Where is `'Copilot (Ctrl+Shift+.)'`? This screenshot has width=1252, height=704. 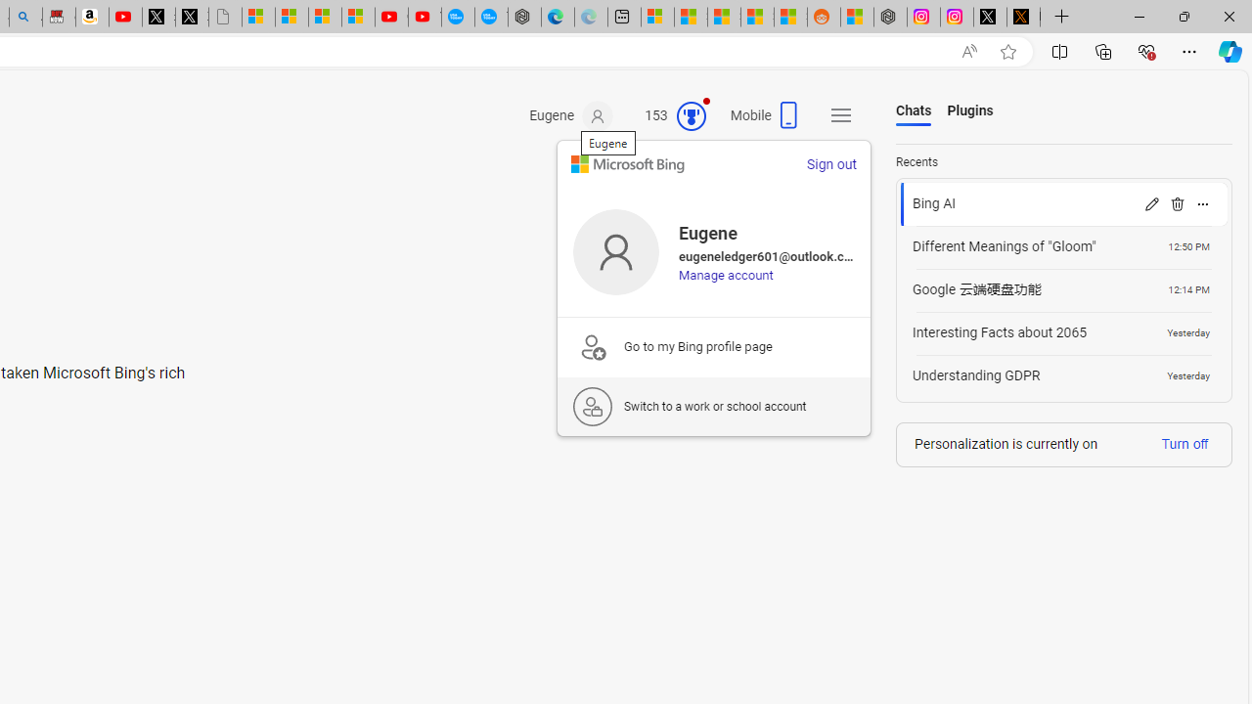
'Copilot (Ctrl+Shift+.)' is located at coordinates (1230, 50).